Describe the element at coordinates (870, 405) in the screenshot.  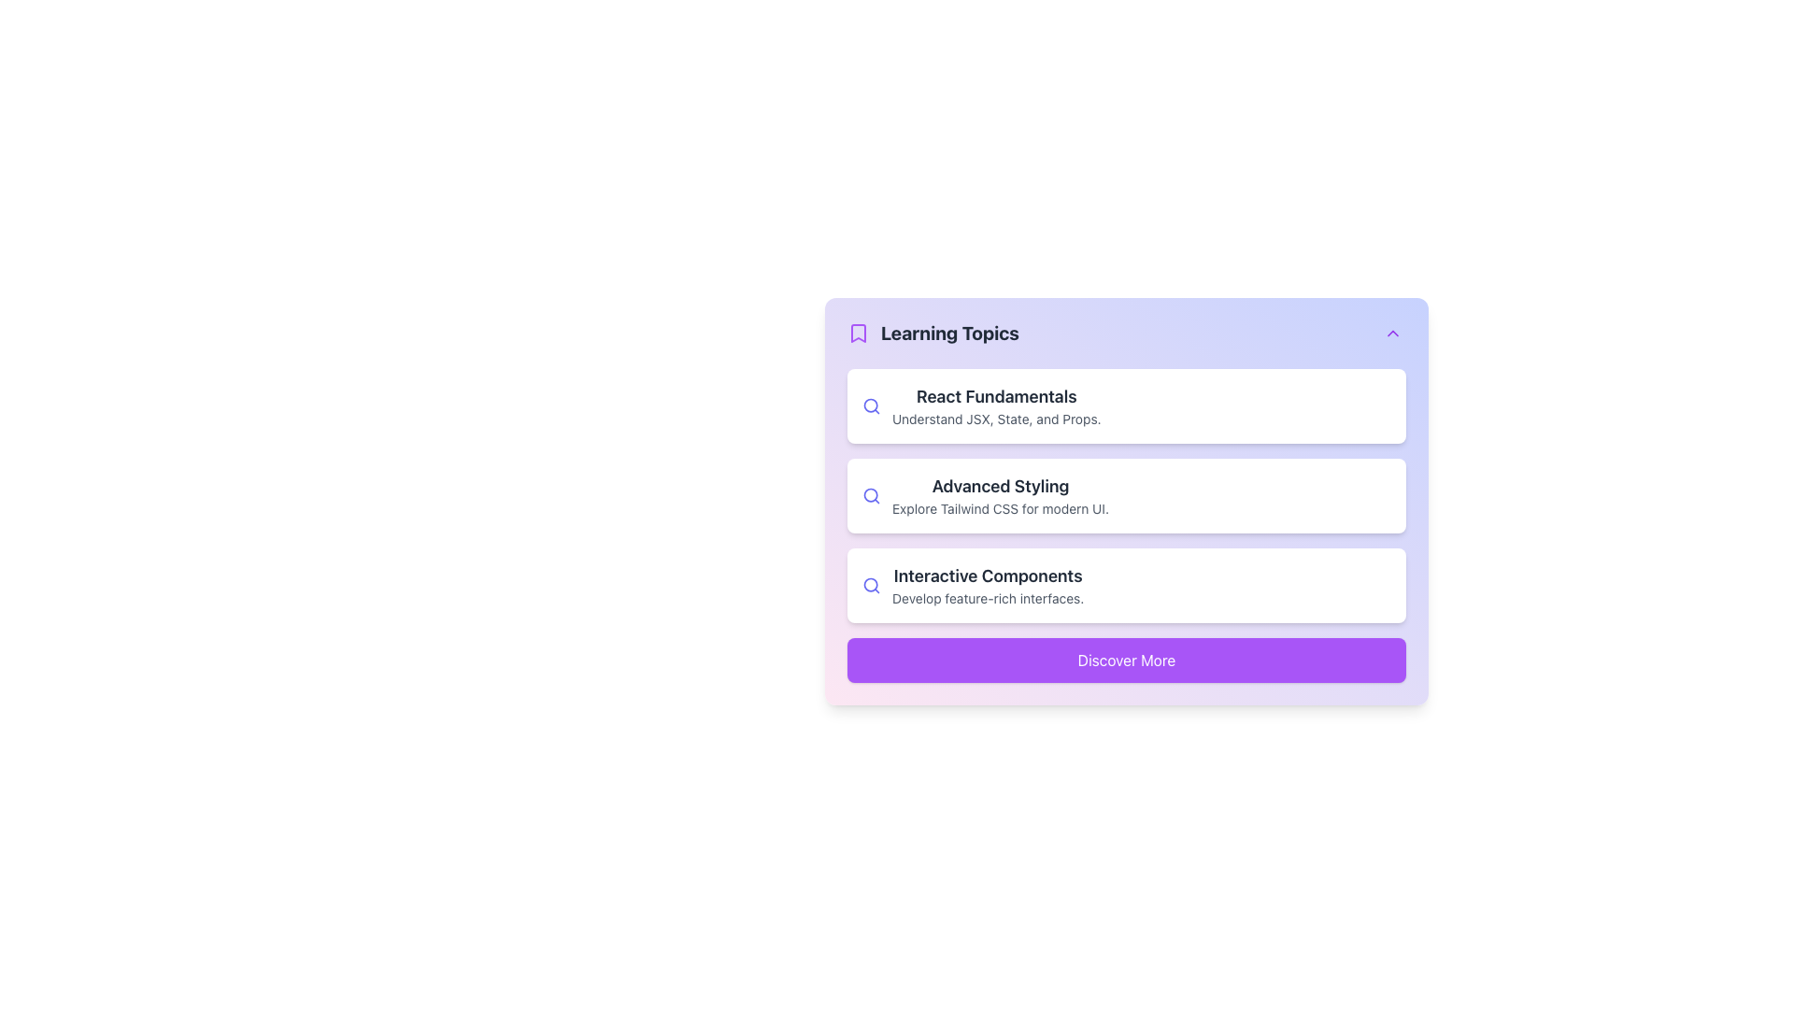
I see `the indigo magnifying glass icon located` at that location.